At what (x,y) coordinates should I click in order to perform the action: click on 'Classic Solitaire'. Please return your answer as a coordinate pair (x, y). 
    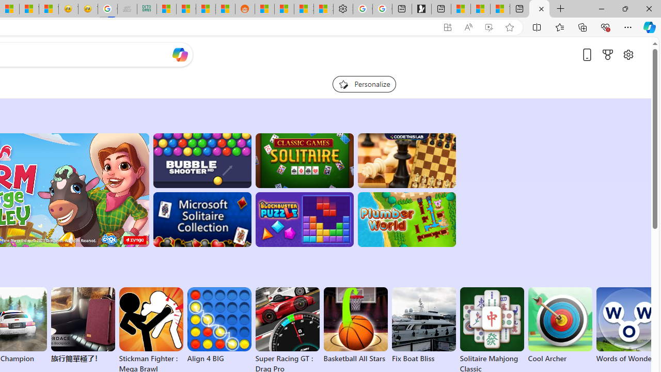
    Looking at the image, I should click on (304, 161).